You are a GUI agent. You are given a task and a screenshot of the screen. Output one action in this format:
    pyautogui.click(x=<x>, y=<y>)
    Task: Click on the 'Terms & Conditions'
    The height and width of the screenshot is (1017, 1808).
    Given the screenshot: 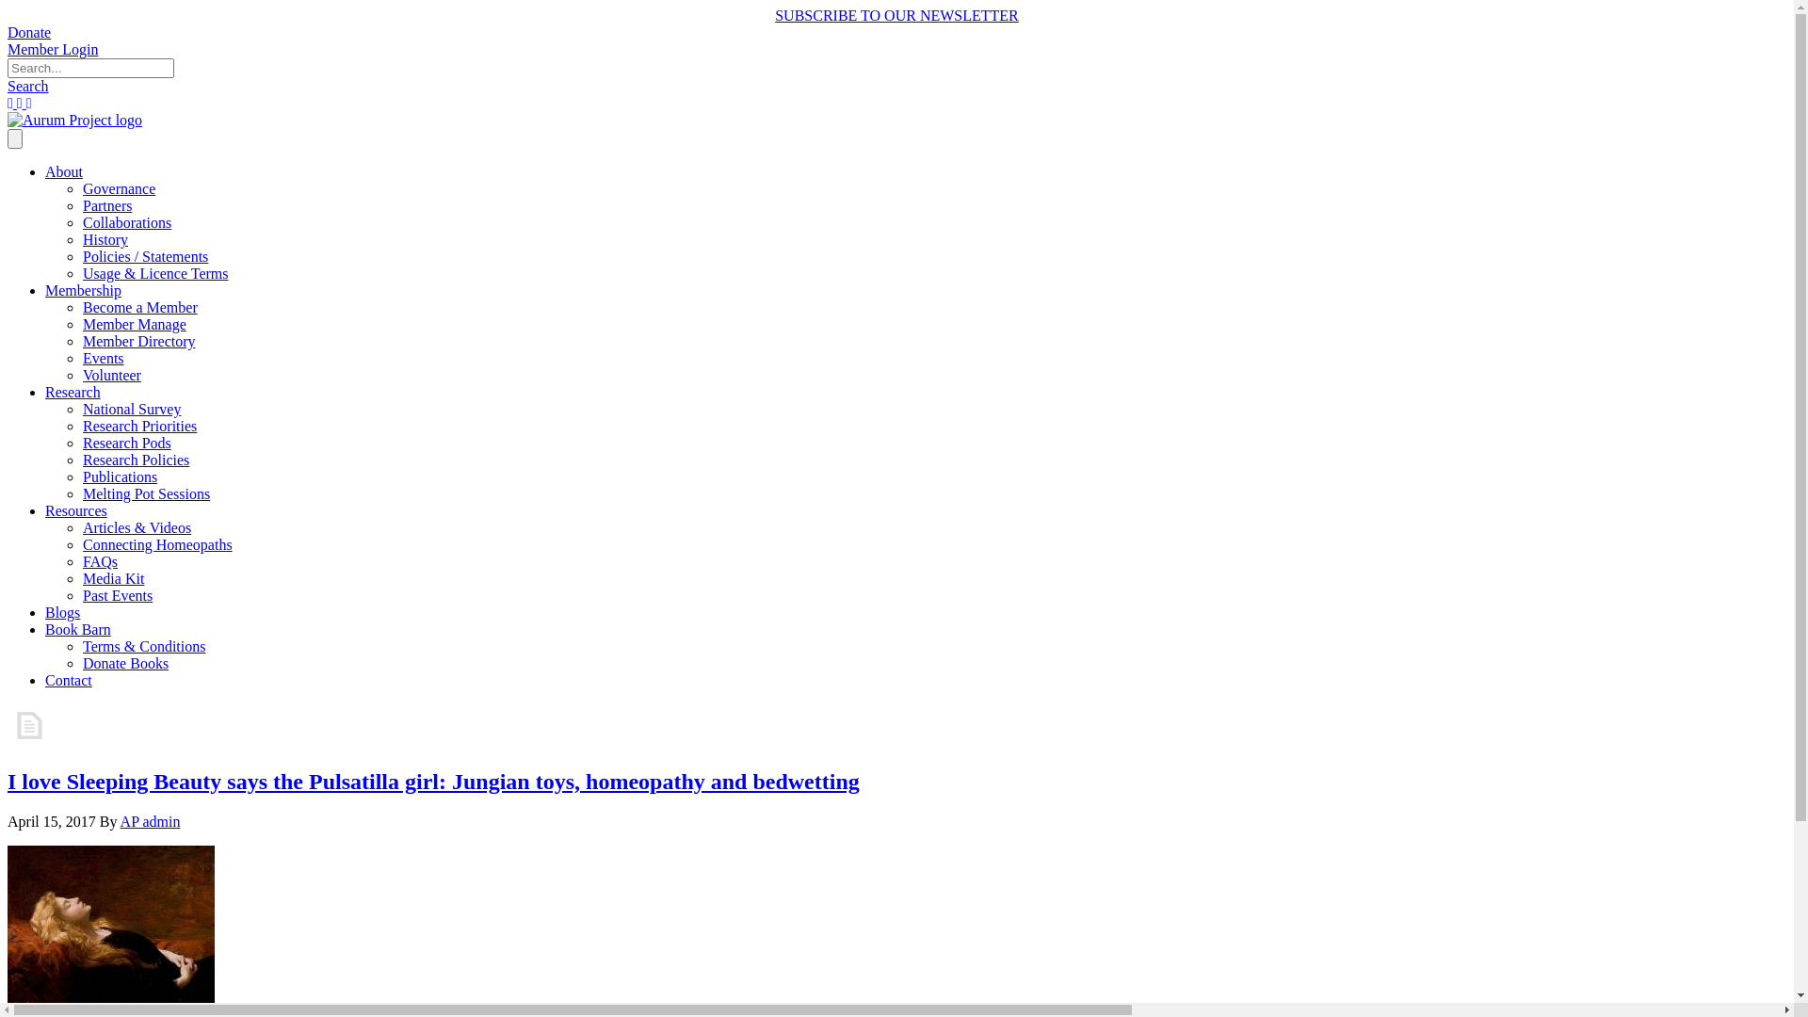 What is the action you would take?
    pyautogui.click(x=143, y=645)
    